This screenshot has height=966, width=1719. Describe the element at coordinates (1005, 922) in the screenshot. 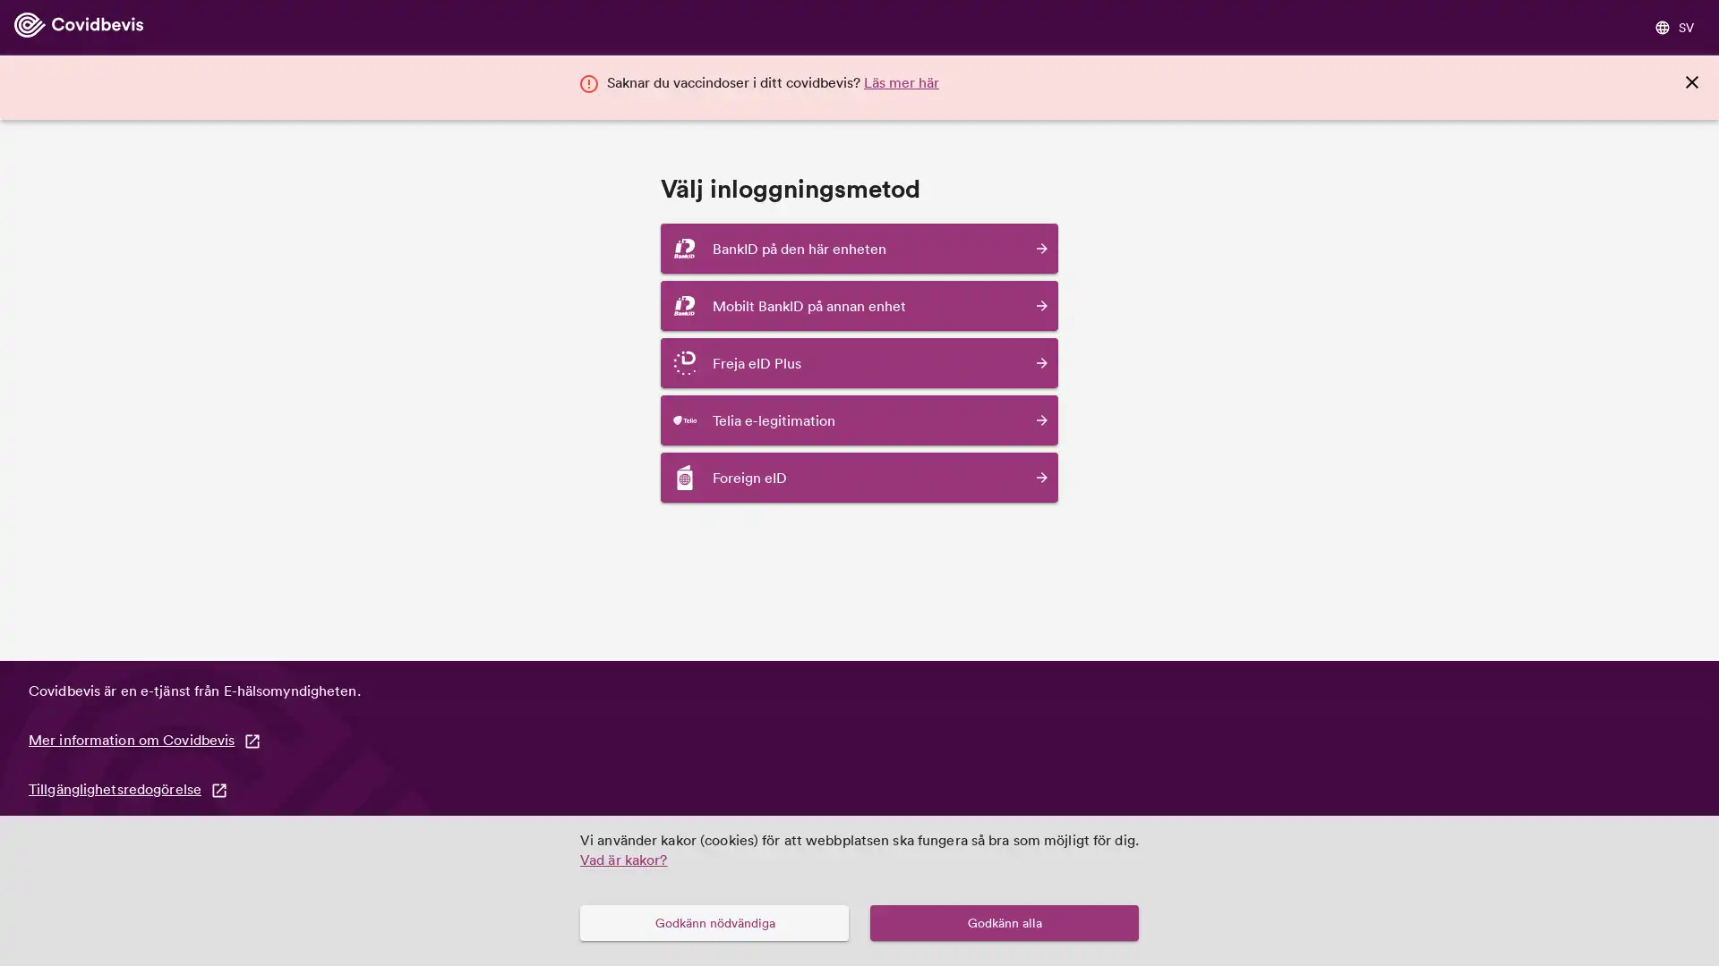

I see `Godkann alla` at that location.